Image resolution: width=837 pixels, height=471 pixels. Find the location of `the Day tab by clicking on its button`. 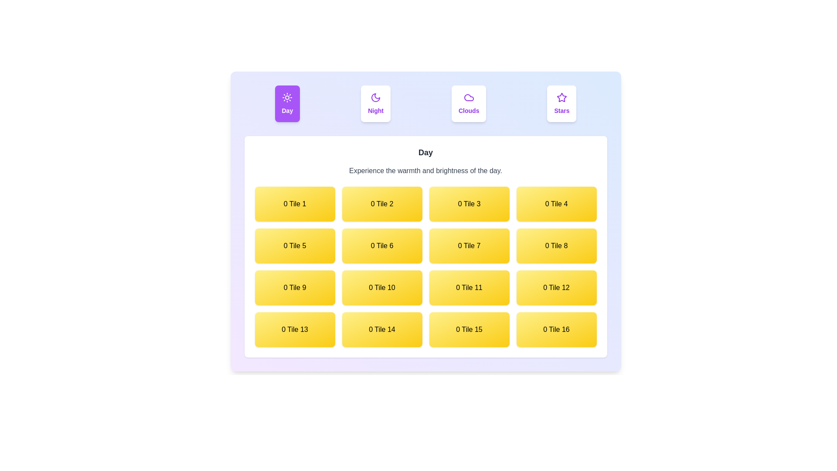

the Day tab by clicking on its button is located at coordinates (287, 103).